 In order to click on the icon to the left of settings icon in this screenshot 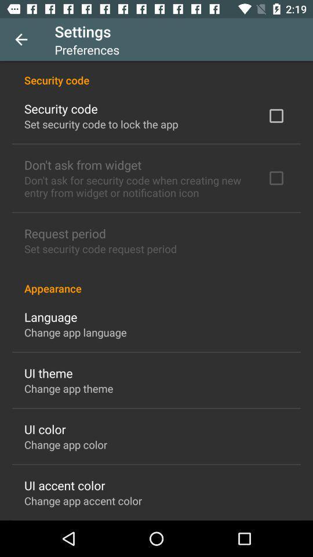, I will do `click(21, 39)`.